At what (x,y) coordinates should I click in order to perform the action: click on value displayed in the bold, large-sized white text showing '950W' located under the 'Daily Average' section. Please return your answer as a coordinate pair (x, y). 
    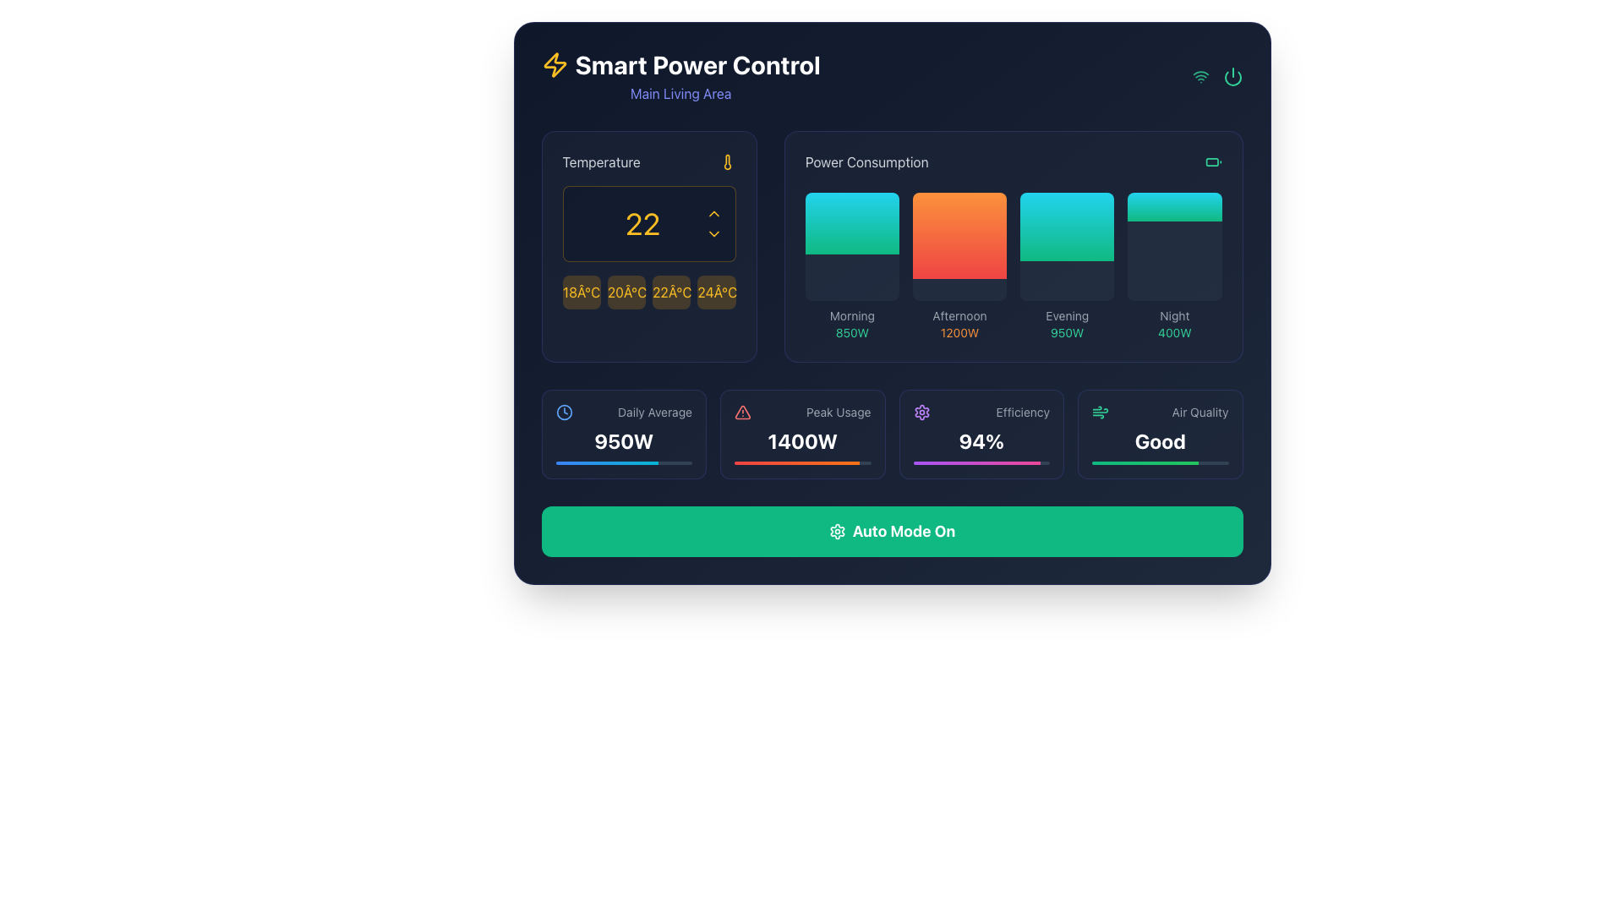
    Looking at the image, I should click on (623, 440).